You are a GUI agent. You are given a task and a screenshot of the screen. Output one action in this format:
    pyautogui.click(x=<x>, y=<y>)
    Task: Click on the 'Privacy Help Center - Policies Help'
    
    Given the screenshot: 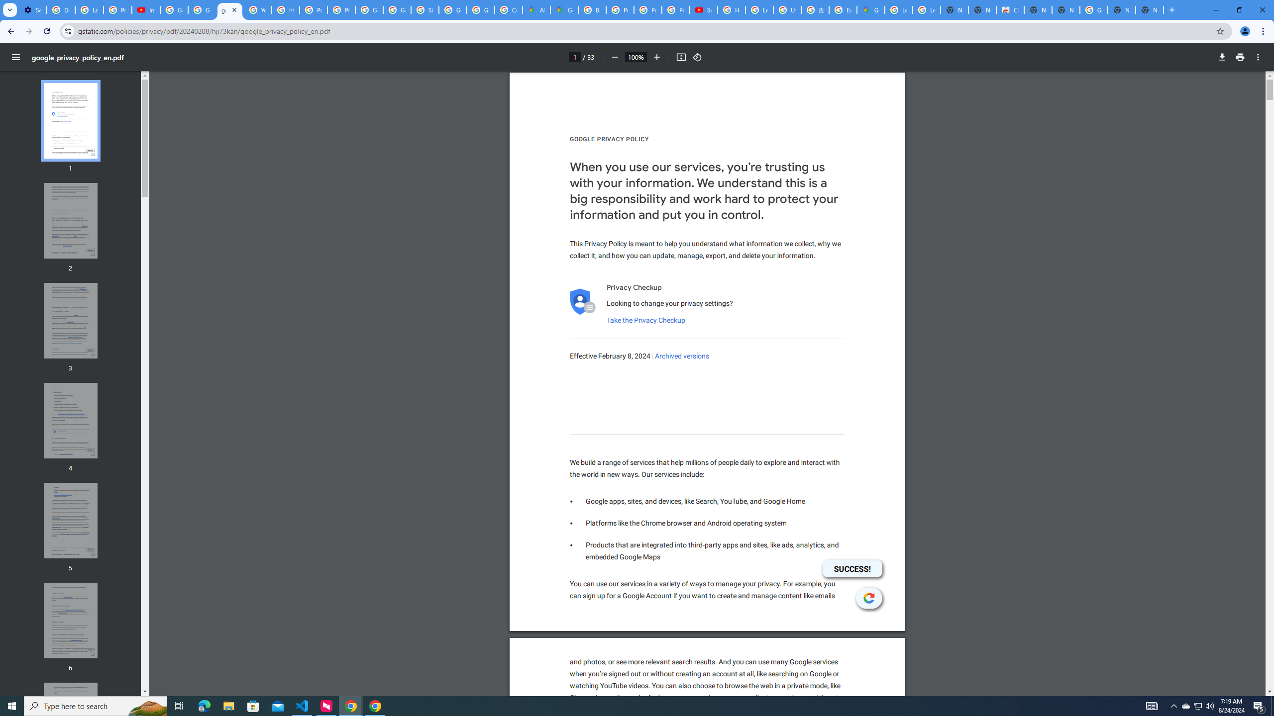 What is the action you would take?
    pyautogui.click(x=619, y=9)
    